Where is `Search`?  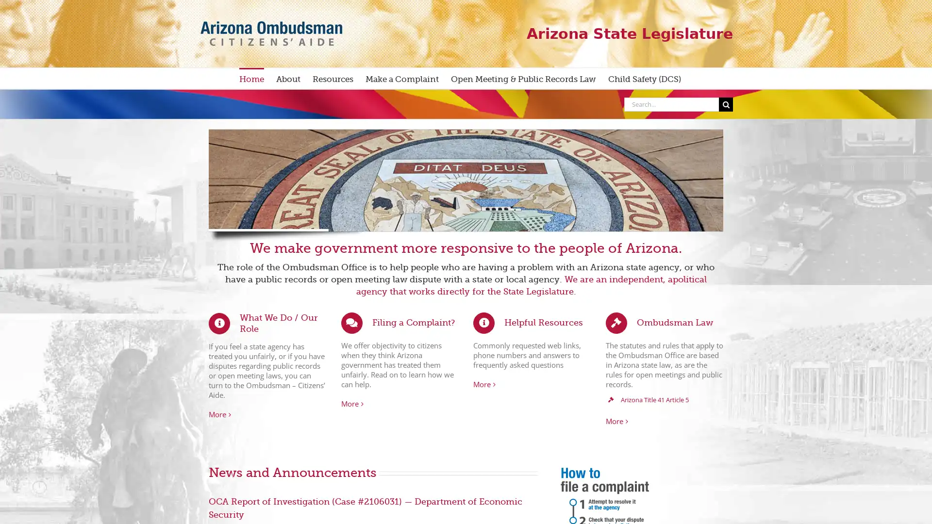
Search is located at coordinates (726, 104).